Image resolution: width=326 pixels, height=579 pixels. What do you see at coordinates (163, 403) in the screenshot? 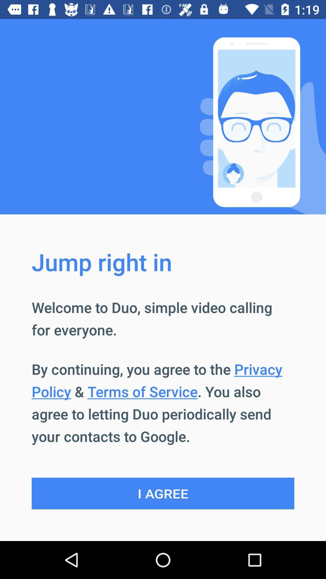
I see `the button above i agree item` at bounding box center [163, 403].